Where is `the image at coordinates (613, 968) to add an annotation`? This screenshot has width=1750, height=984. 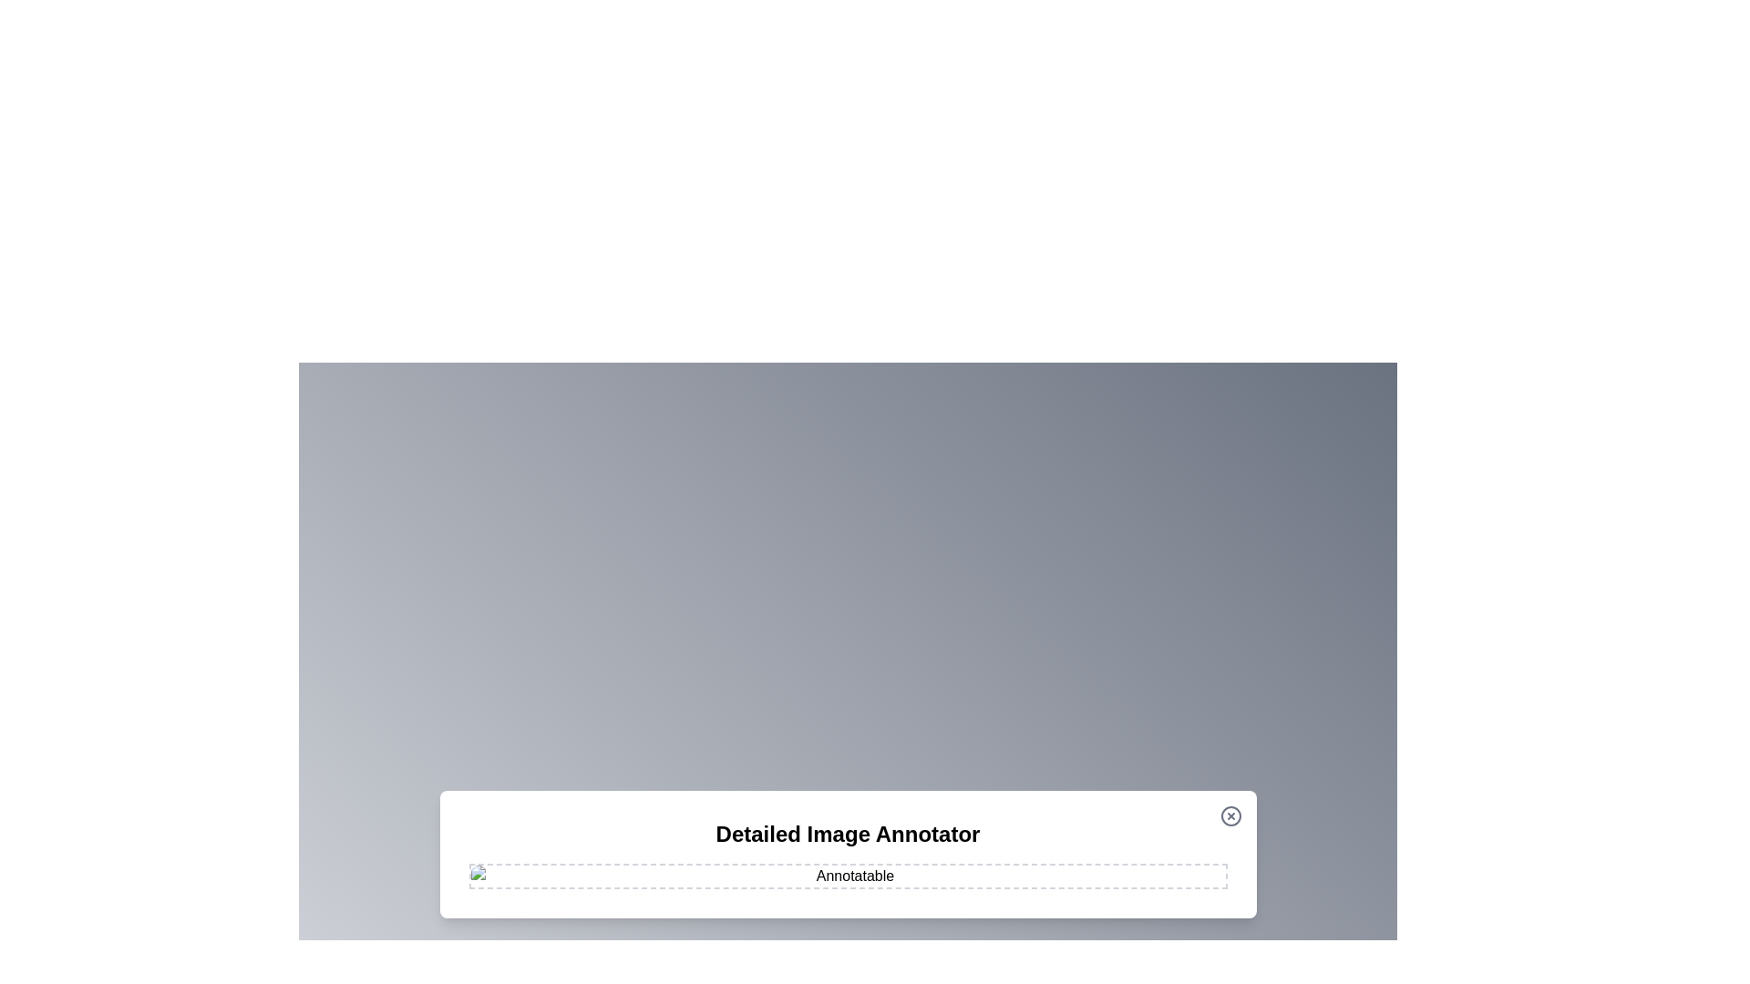
the image at coordinates (613, 968) to add an annotation is located at coordinates (558, 881).